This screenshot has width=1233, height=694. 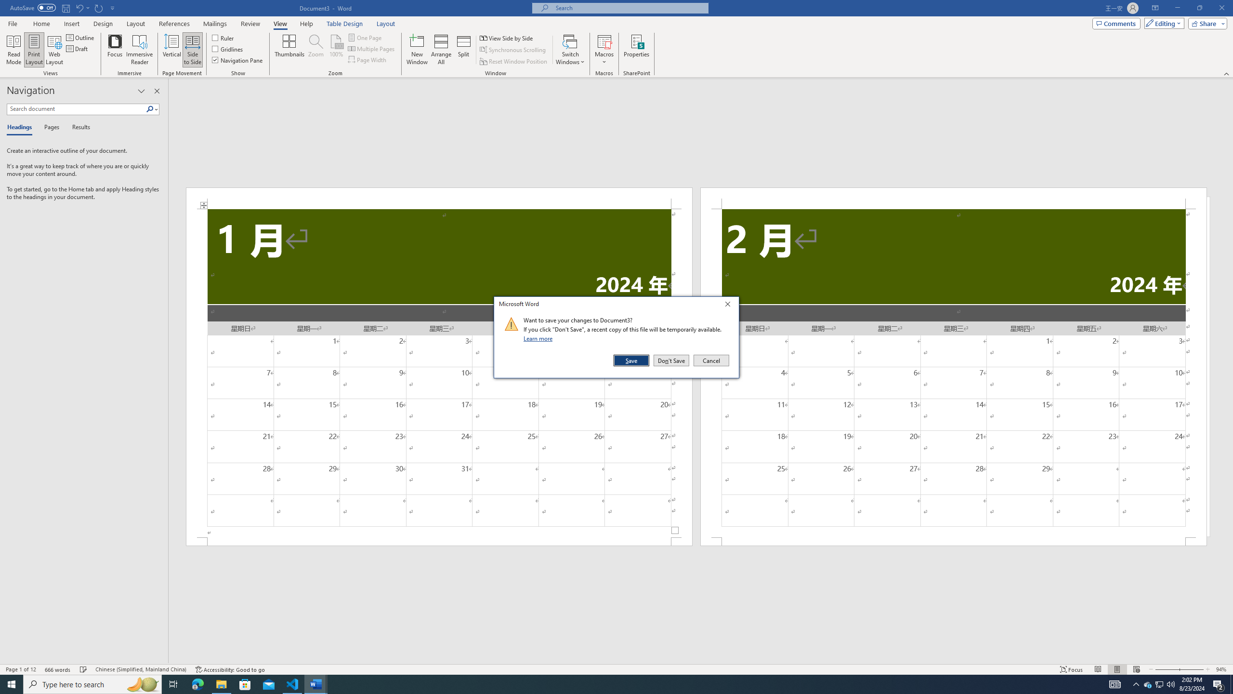 I want to click on 'Draft', so click(x=77, y=48).